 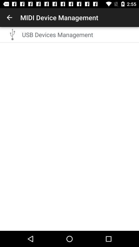 I want to click on app to the left of midi device management item, so click(x=9, y=17).